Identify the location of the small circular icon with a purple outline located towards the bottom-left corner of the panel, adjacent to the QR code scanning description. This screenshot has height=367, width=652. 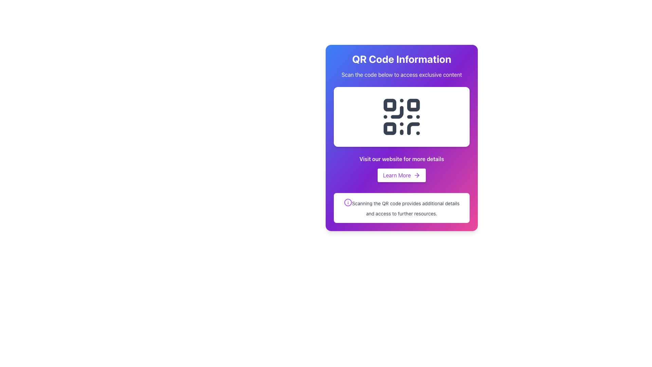
(348, 202).